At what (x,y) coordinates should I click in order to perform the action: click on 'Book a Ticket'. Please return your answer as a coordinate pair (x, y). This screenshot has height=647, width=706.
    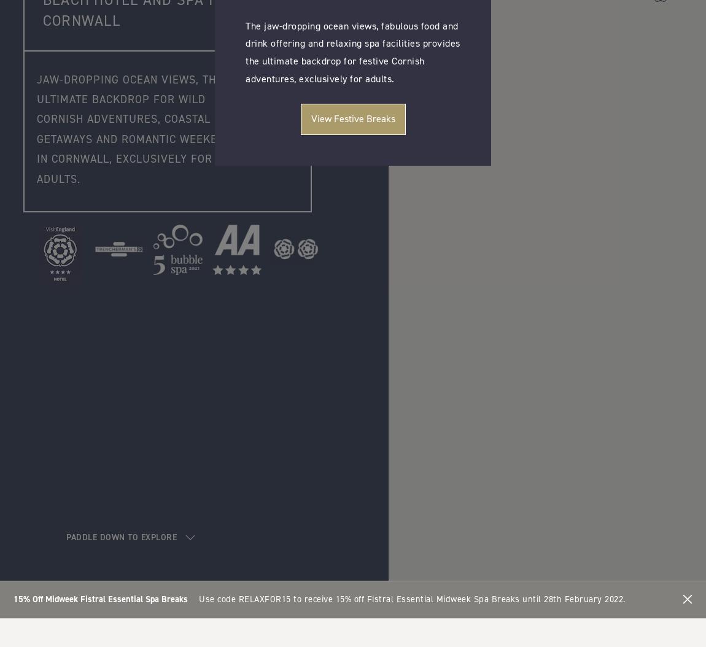
    Looking at the image, I should click on (353, 210).